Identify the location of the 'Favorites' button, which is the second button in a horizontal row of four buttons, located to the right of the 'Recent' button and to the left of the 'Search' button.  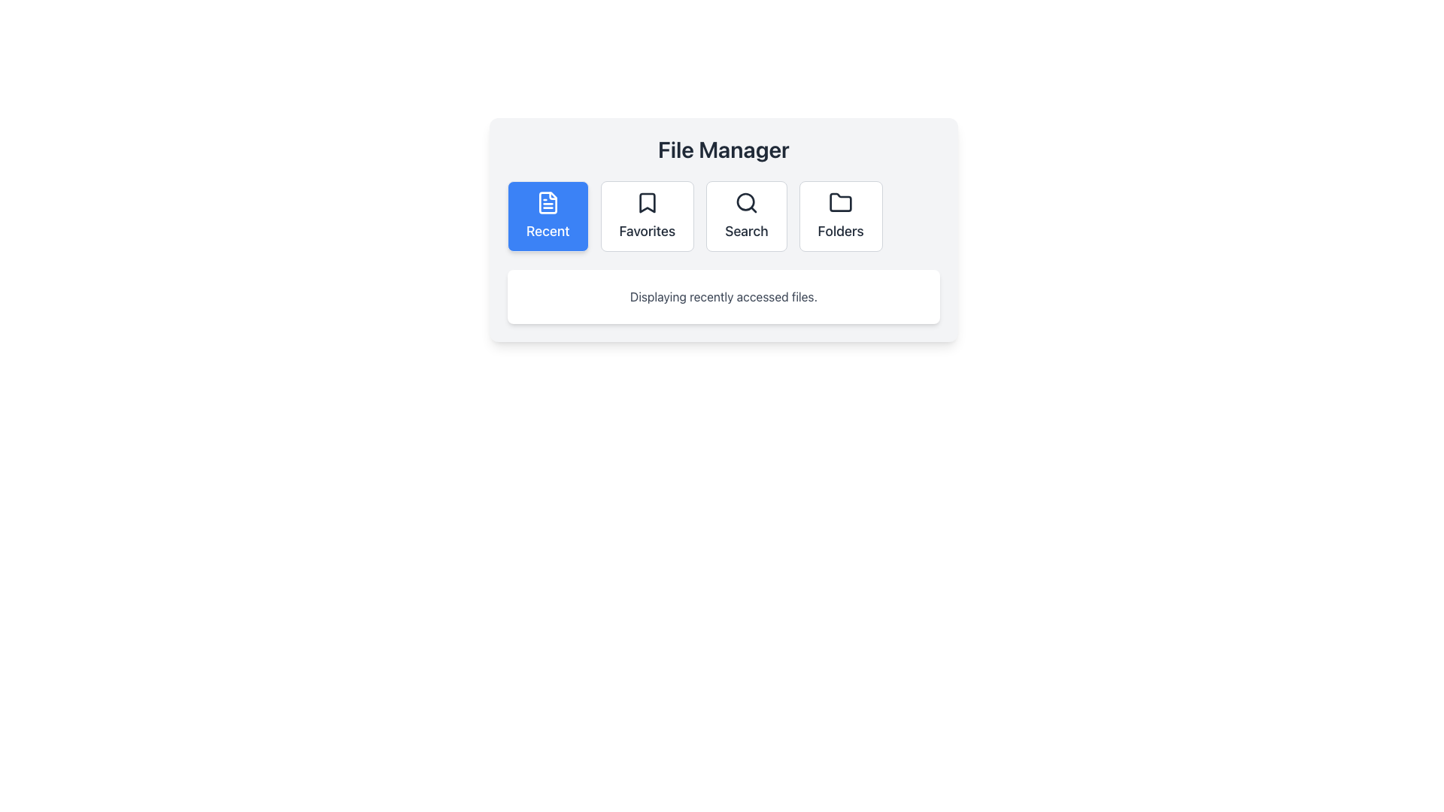
(647, 217).